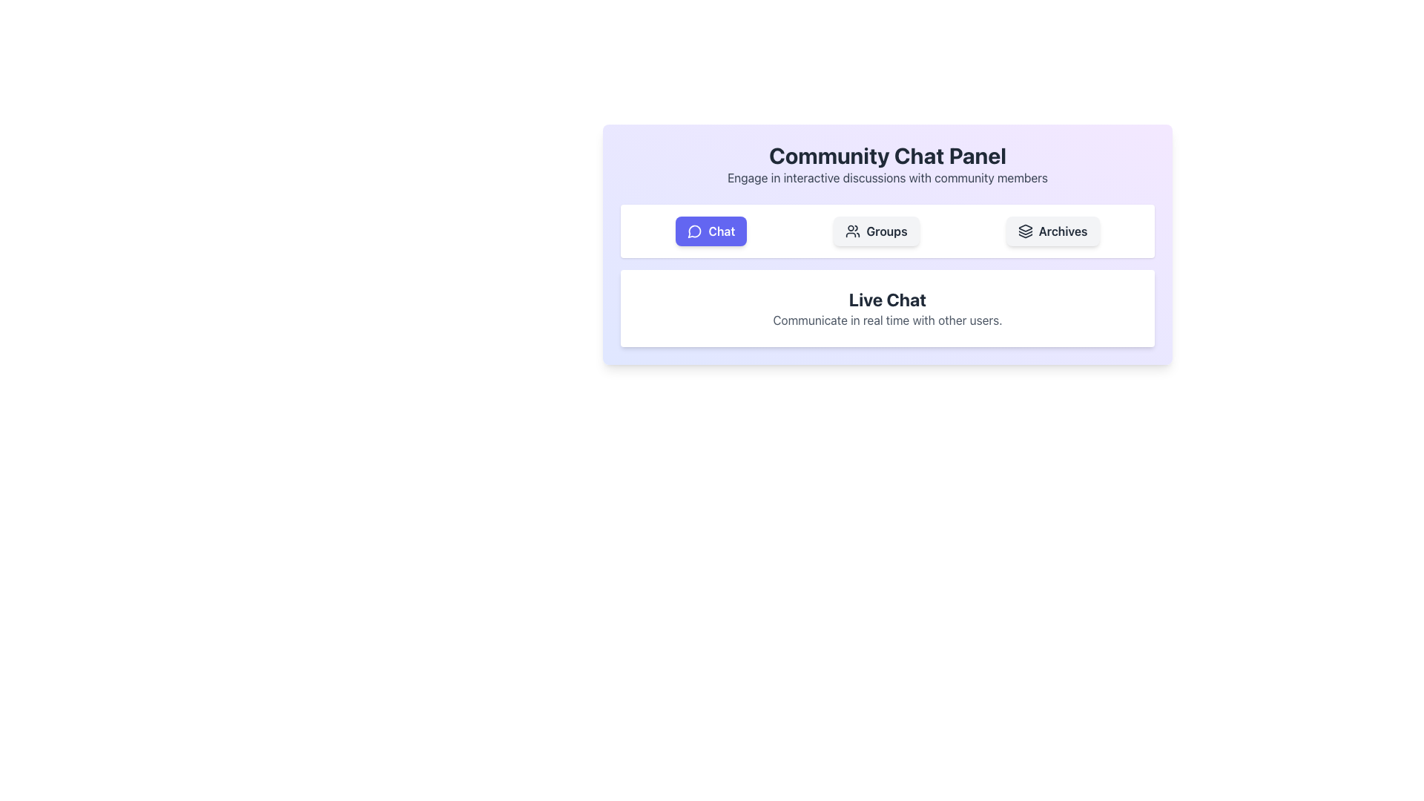  I want to click on the third button labeled 'Archives' in the 'Community Chat Panel', so click(1052, 231).